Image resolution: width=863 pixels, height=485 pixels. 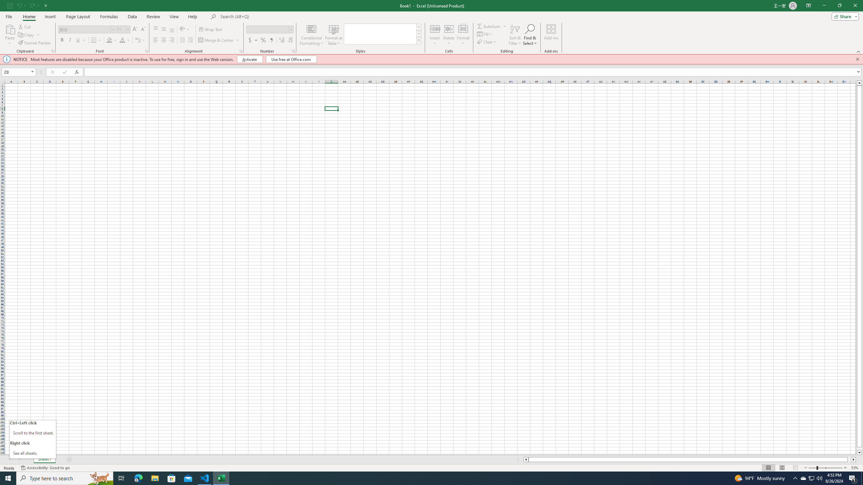 I want to click on 'Underline', so click(x=81, y=40).